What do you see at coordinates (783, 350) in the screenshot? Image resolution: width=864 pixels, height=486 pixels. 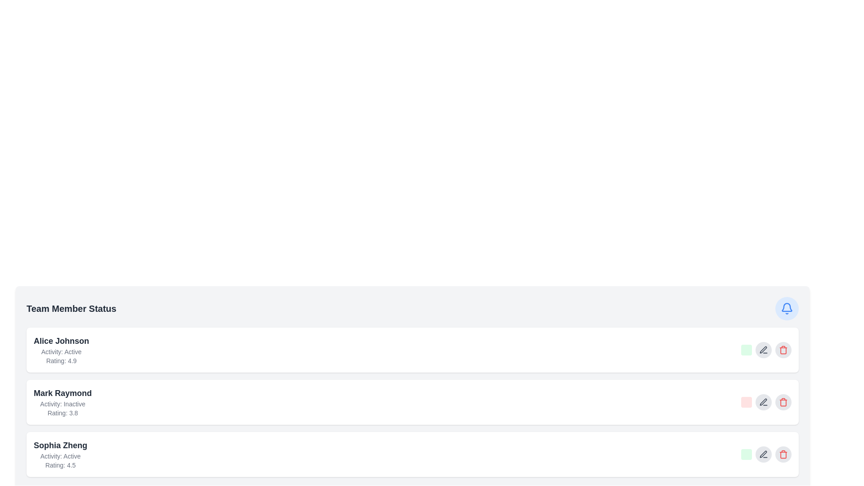 I see `the circular button with a gray background and red border, which contains a red trash can icon` at bounding box center [783, 350].